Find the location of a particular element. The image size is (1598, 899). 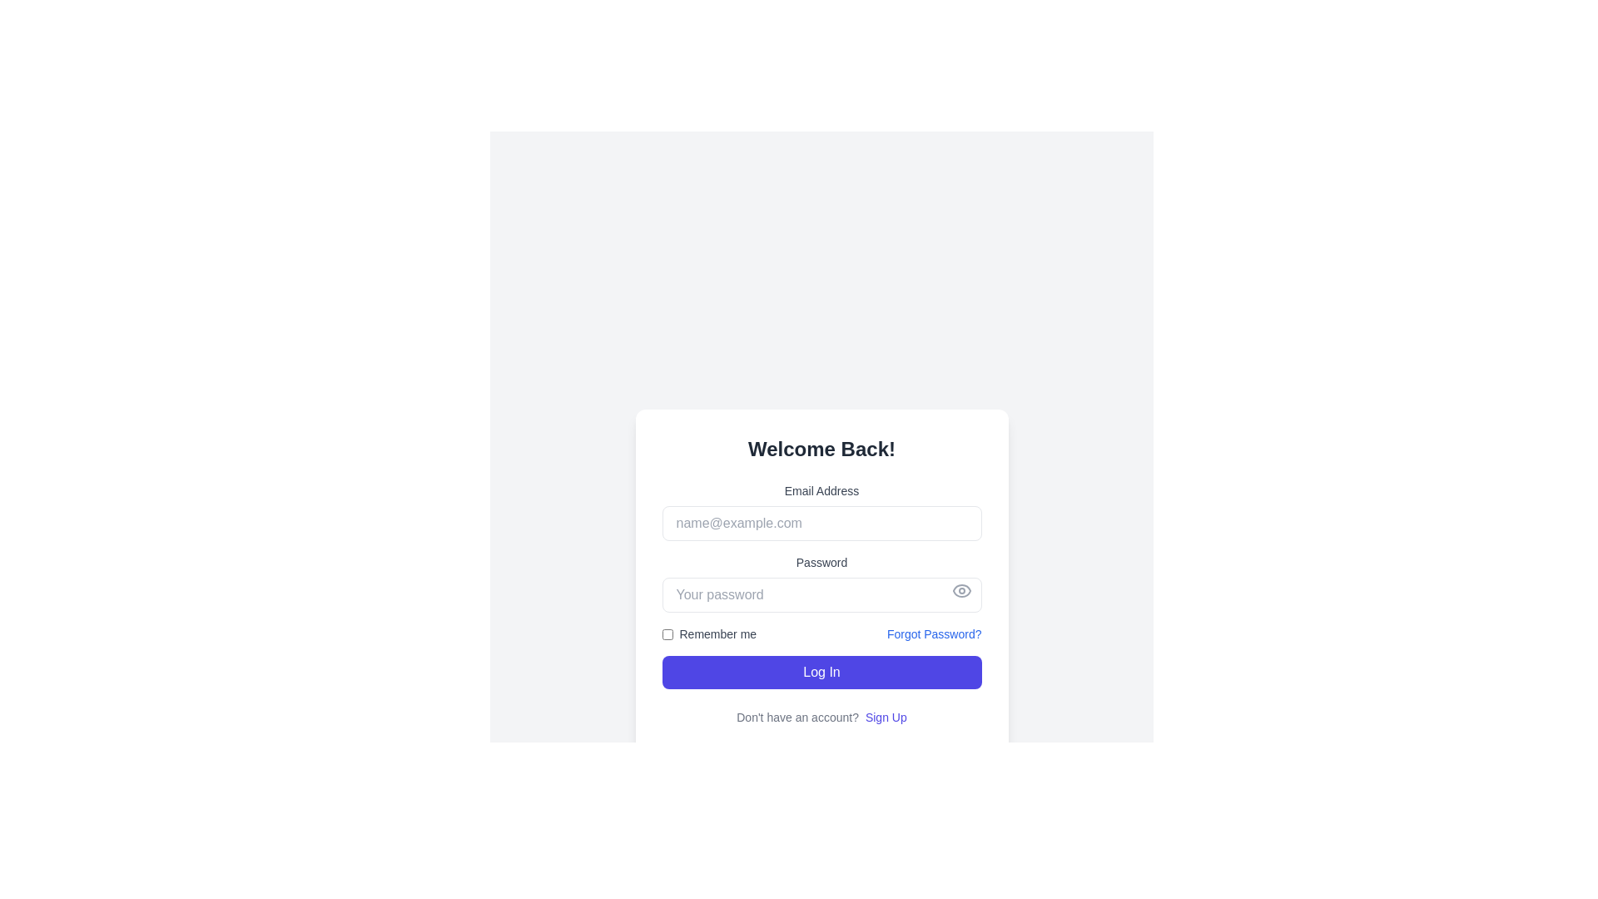

the clickable text link for password recovery located at the bottom right of the section containing the 'Remember me' checkbox is located at coordinates (934, 634).